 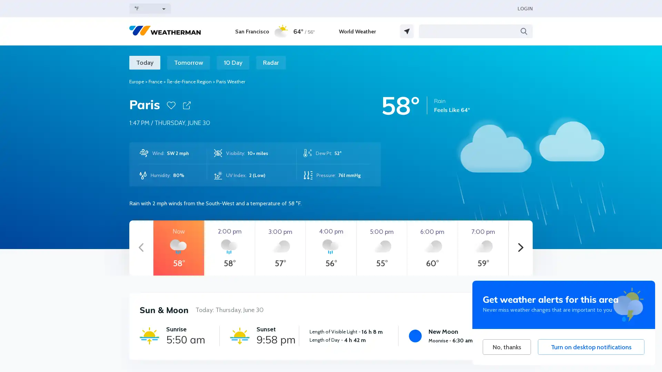 I want to click on LOGIN, so click(x=524, y=8).